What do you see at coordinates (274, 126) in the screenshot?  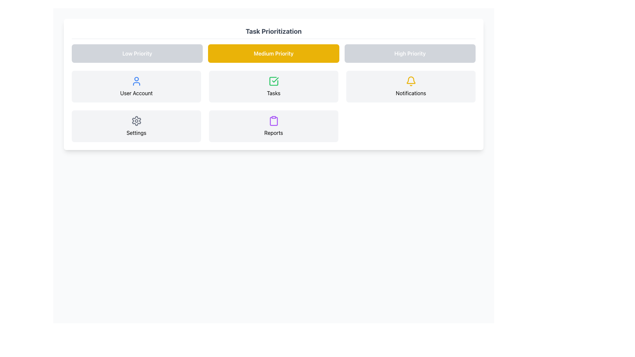 I see `the button located at the bottom-middle position of the grid layout` at bounding box center [274, 126].